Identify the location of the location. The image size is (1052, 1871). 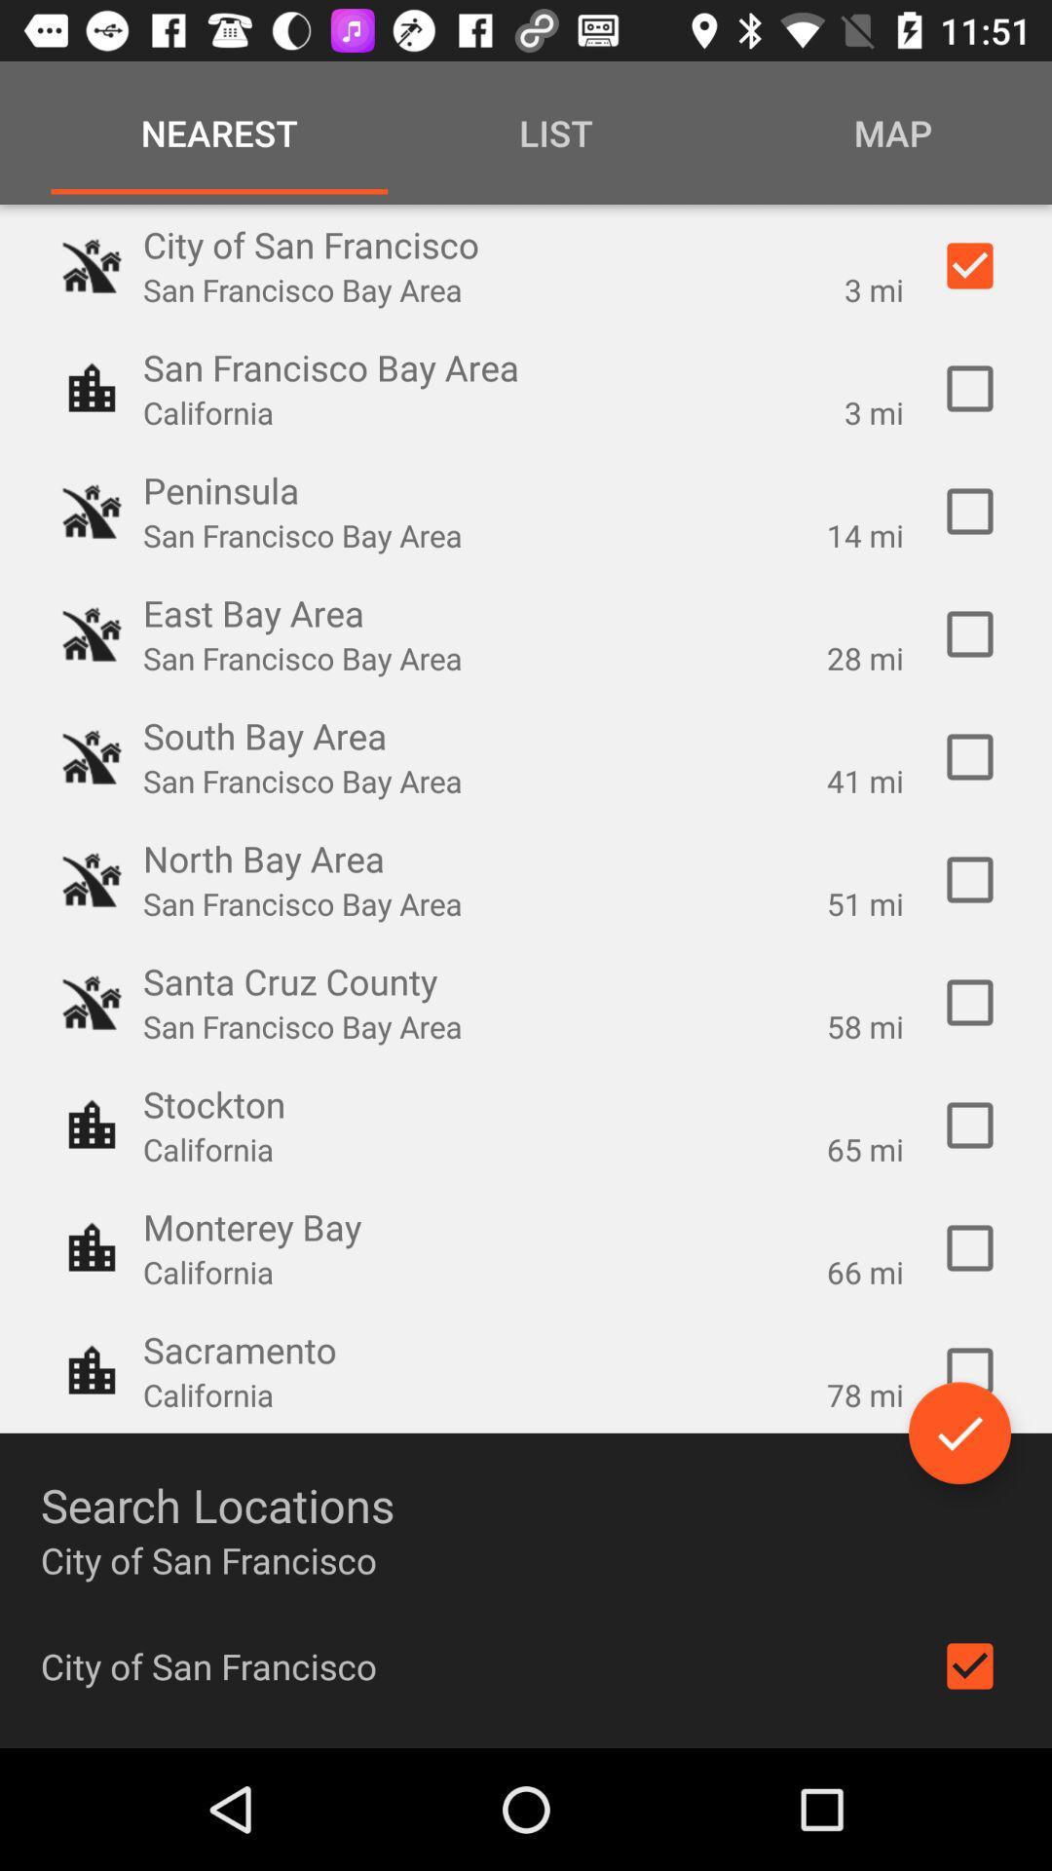
(969, 1248).